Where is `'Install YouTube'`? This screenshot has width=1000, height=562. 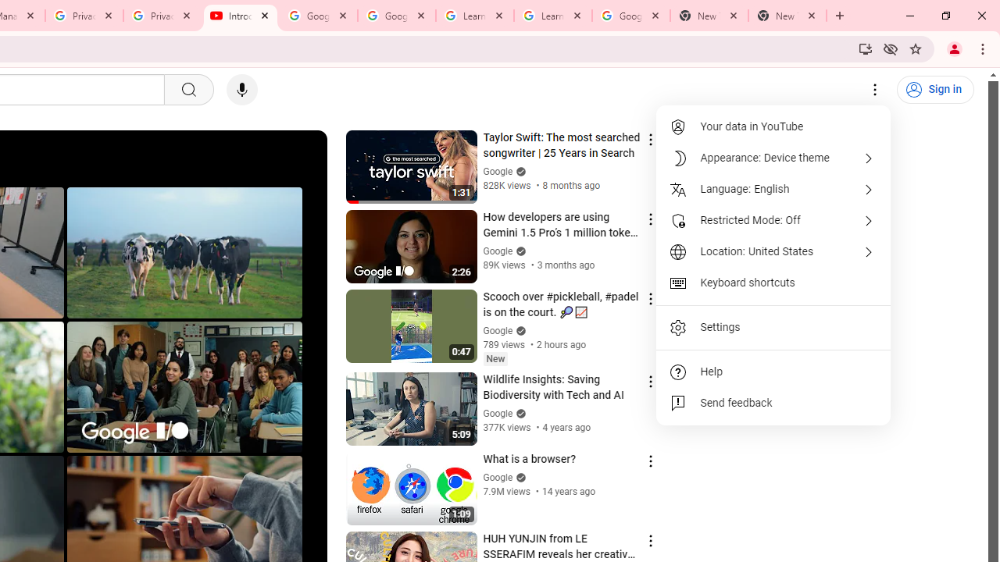
'Install YouTube' is located at coordinates (864, 48).